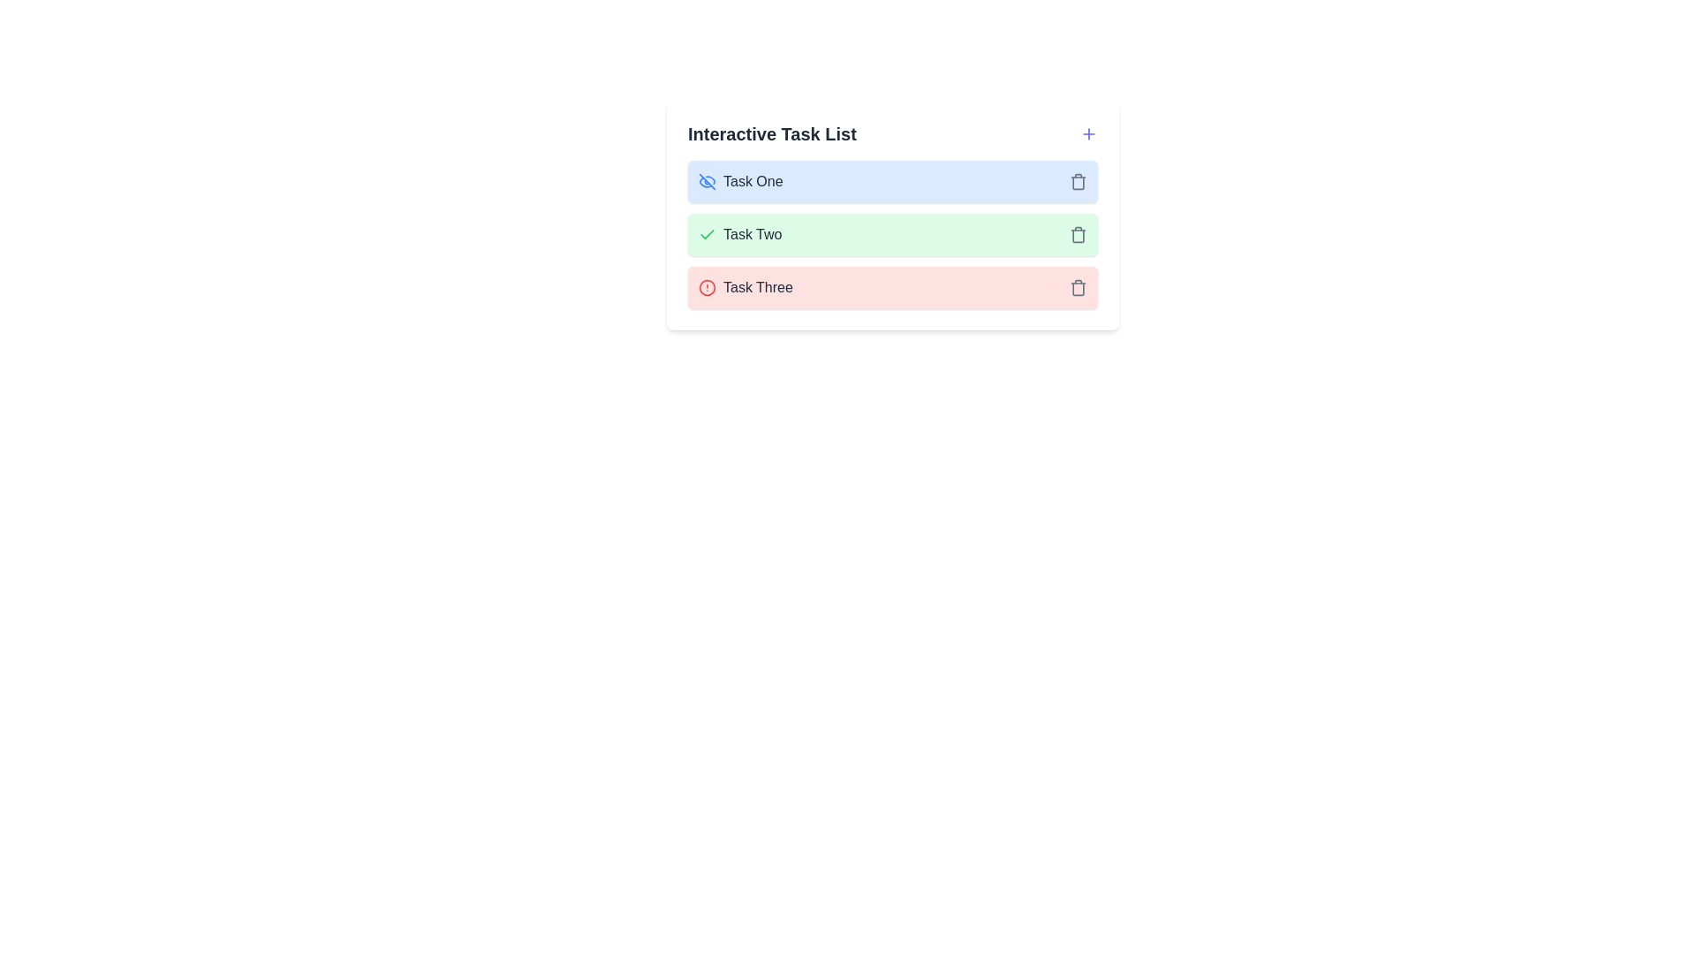 Image resolution: width=1696 pixels, height=954 pixels. Describe the element at coordinates (708, 234) in the screenshot. I see `the completion icon for 'Task Two', which is located at the top-left within the green rectangle, adjacent to the title text 'Task Two'` at that location.